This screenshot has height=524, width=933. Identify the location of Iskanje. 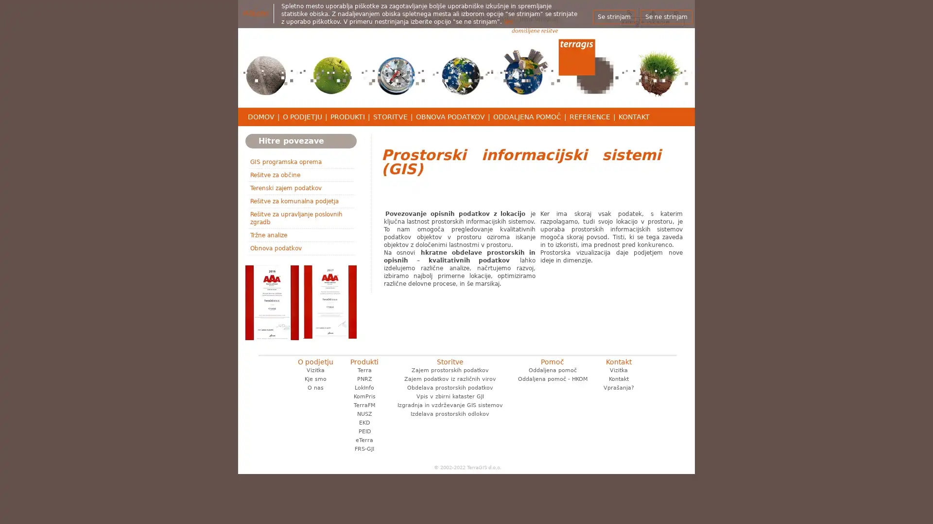
(629, 12).